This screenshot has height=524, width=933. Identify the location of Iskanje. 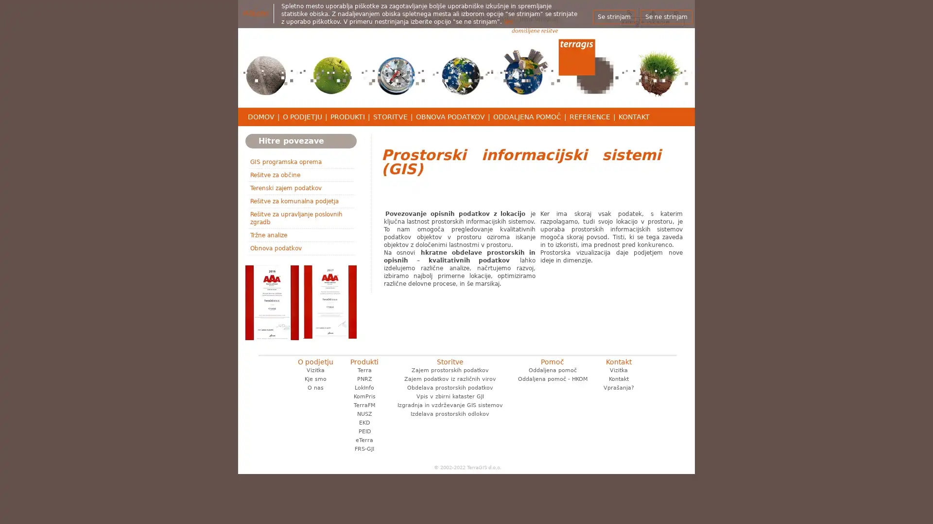
(629, 12).